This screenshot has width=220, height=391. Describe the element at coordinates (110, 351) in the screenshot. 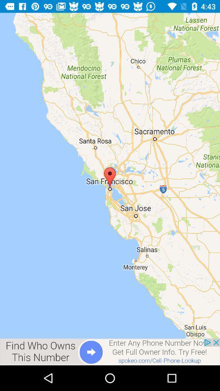

I see `advertisement for phone numbers` at that location.